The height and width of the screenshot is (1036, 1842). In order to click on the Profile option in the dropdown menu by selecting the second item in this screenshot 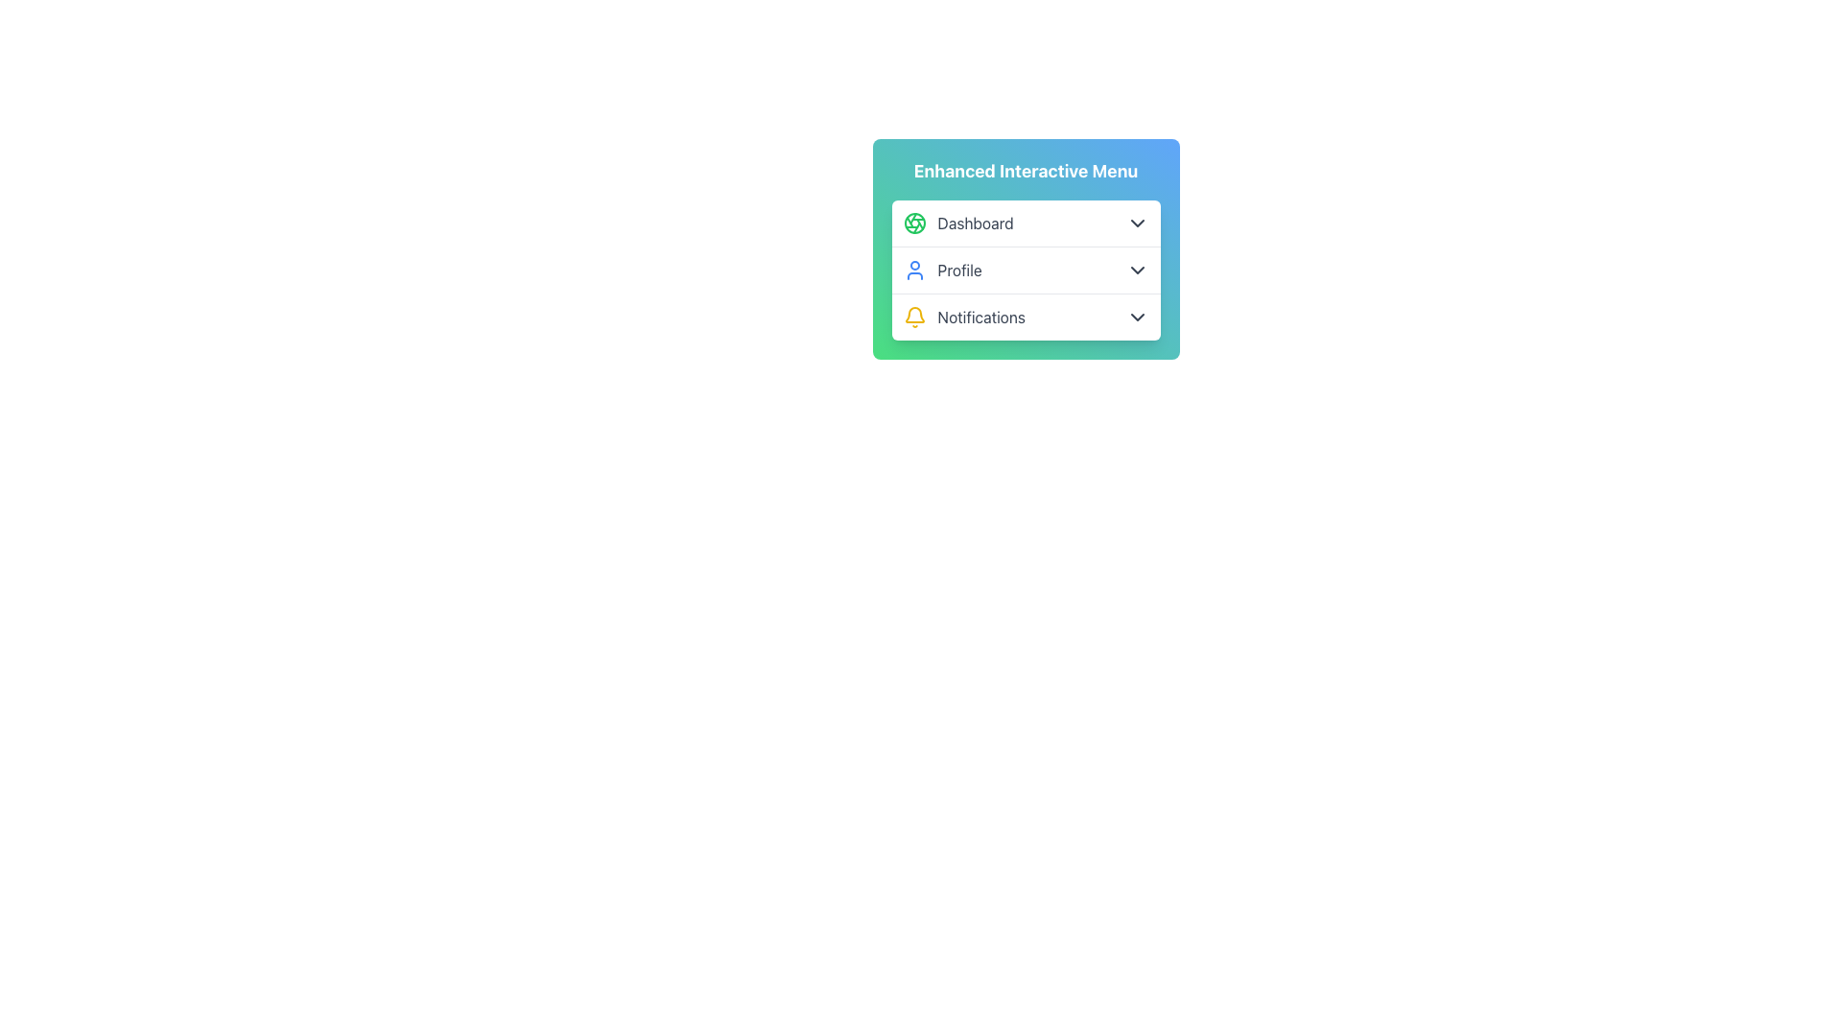, I will do `click(1025, 270)`.